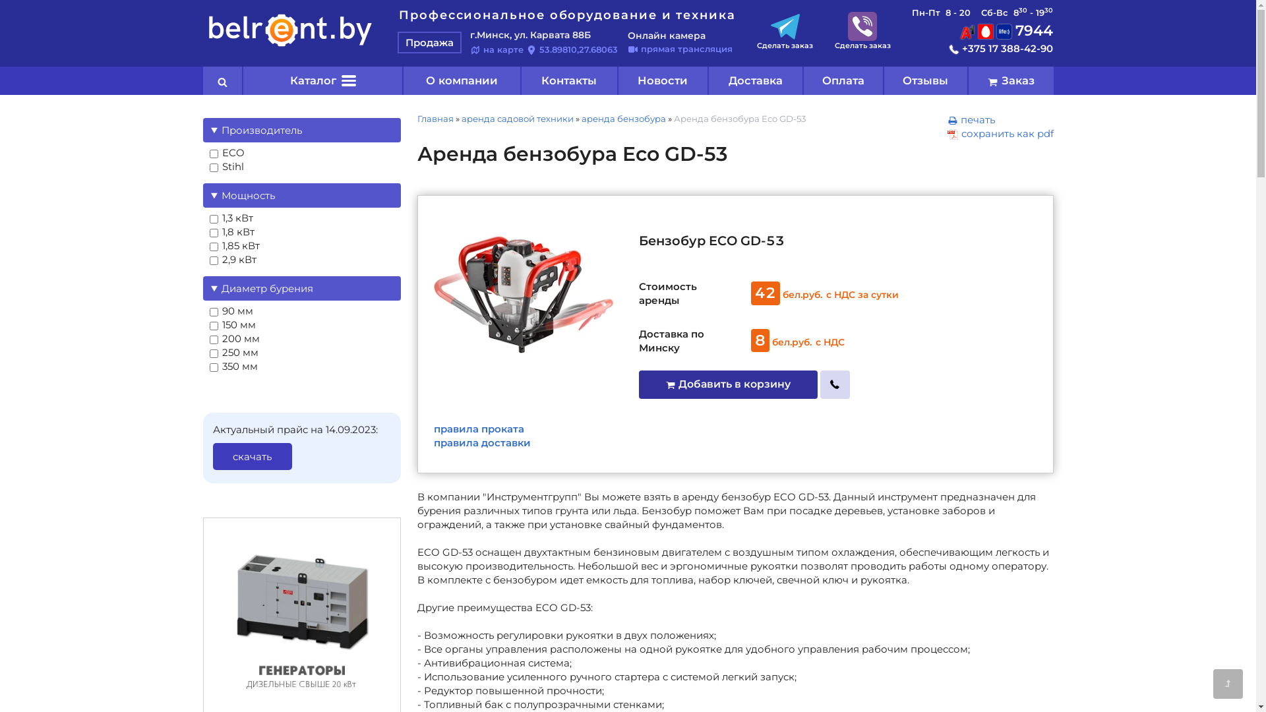 This screenshot has width=1266, height=712. What do you see at coordinates (1000, 47) in the screenshot?
I see `'+375 17 388-42-90'` at bounding box center [1000, 47].